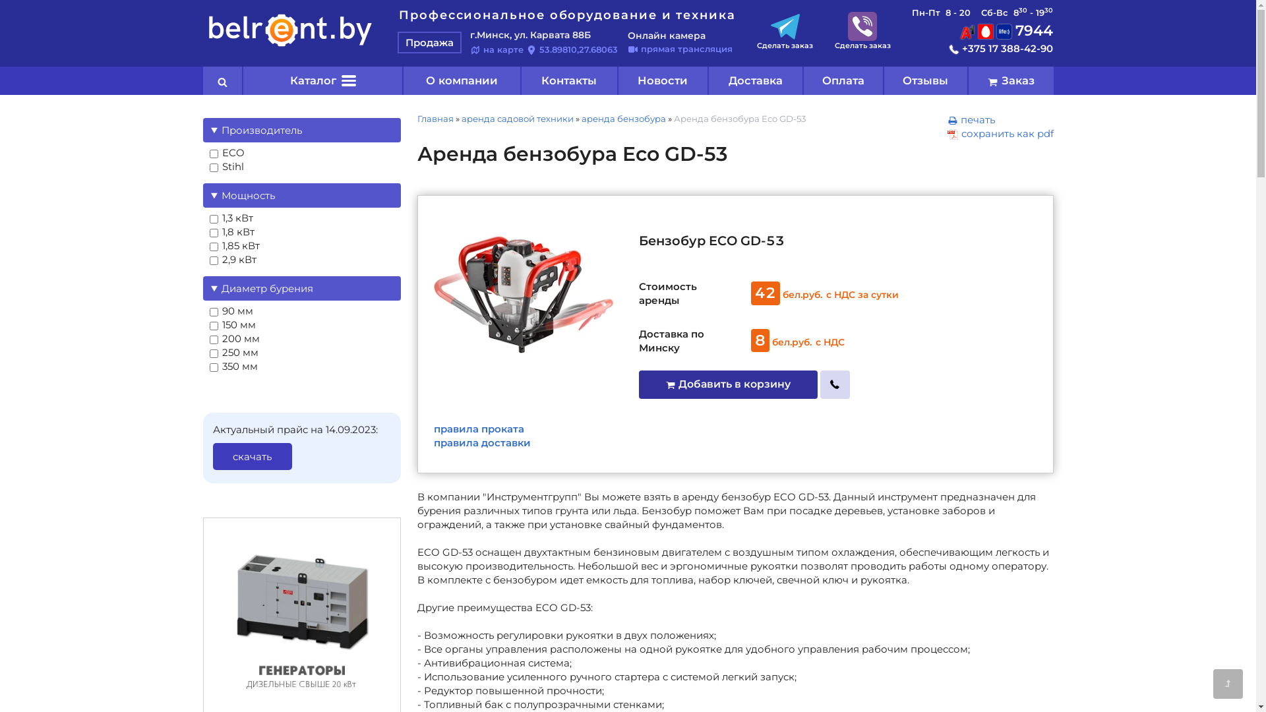 This screenshot has width=1266, height=712. What do you see at coordinates (1000, 47) in the screenshot?
I see `'+375 17 388-42-90'` at bounding box center [1000, 47].